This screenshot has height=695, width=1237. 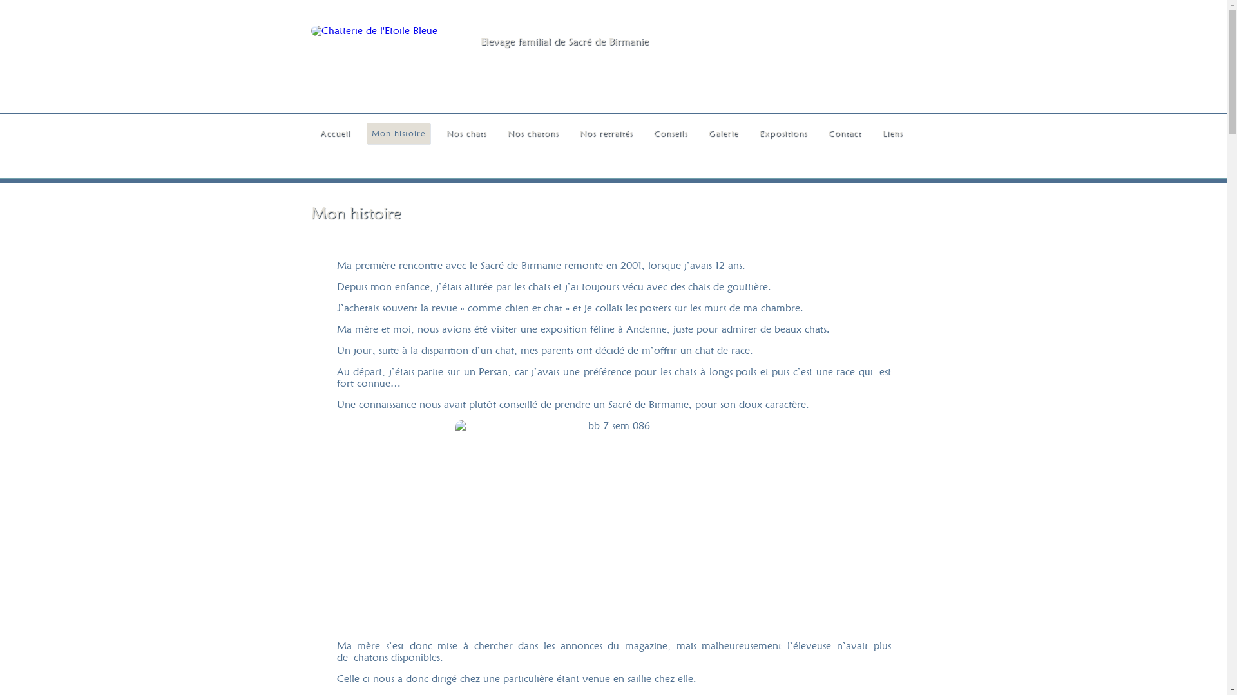 I want to click on 'Conseils', so click(x=670, y=133).